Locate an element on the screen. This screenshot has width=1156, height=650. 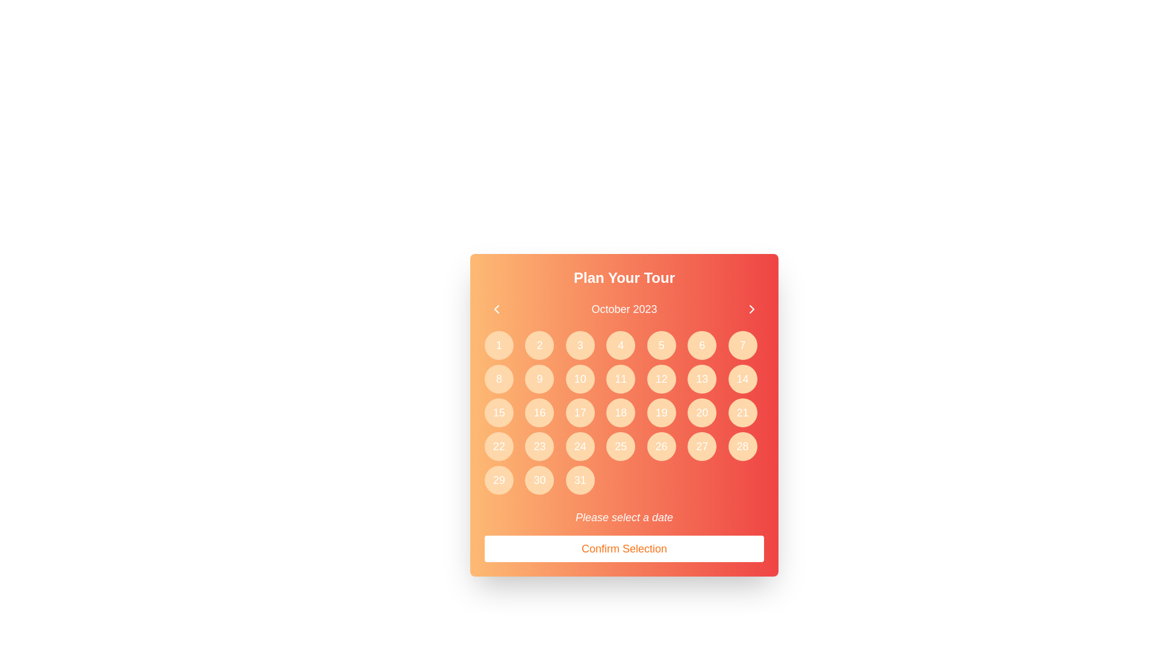
the circular button labeled '1' with a light orange background located at the top-left corner of the calendar grid is located at coordinates (499, 345).